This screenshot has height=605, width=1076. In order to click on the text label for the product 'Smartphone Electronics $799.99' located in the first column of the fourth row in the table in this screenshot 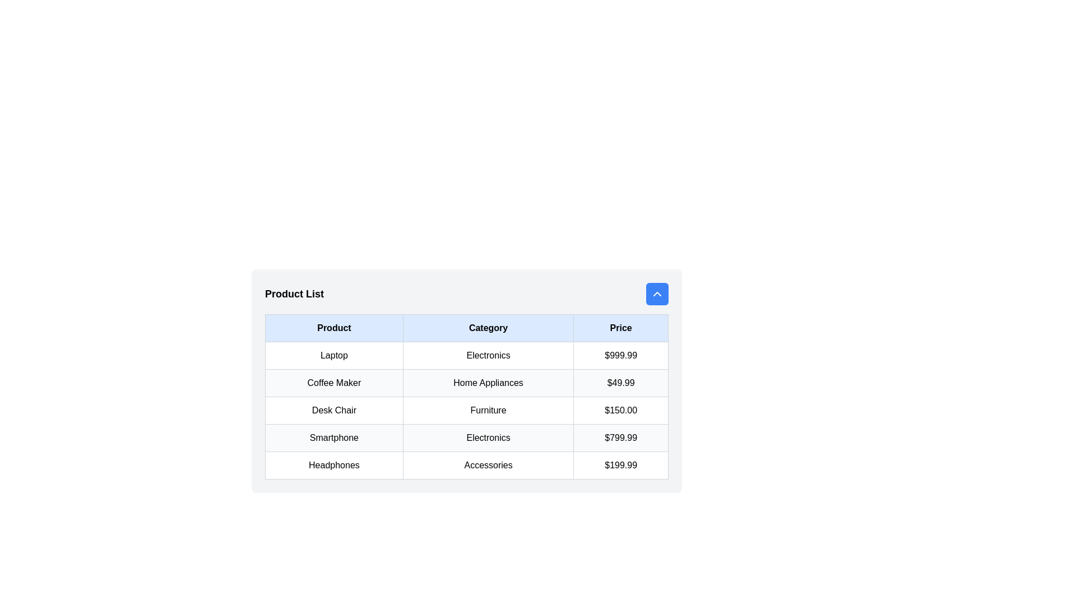, I will do `click(333, 438)`.